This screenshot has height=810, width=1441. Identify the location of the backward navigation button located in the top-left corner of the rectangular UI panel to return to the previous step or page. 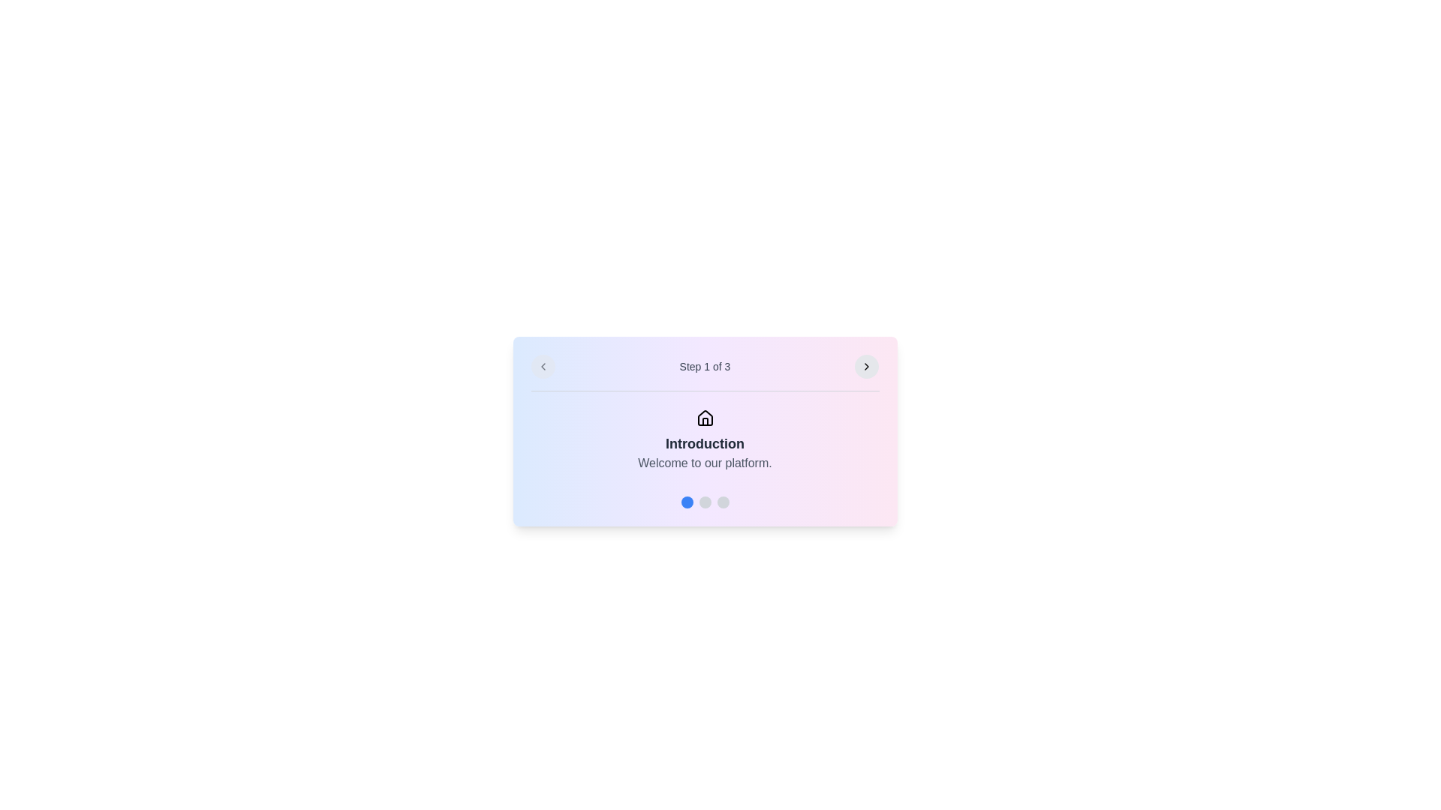
(542, 367).